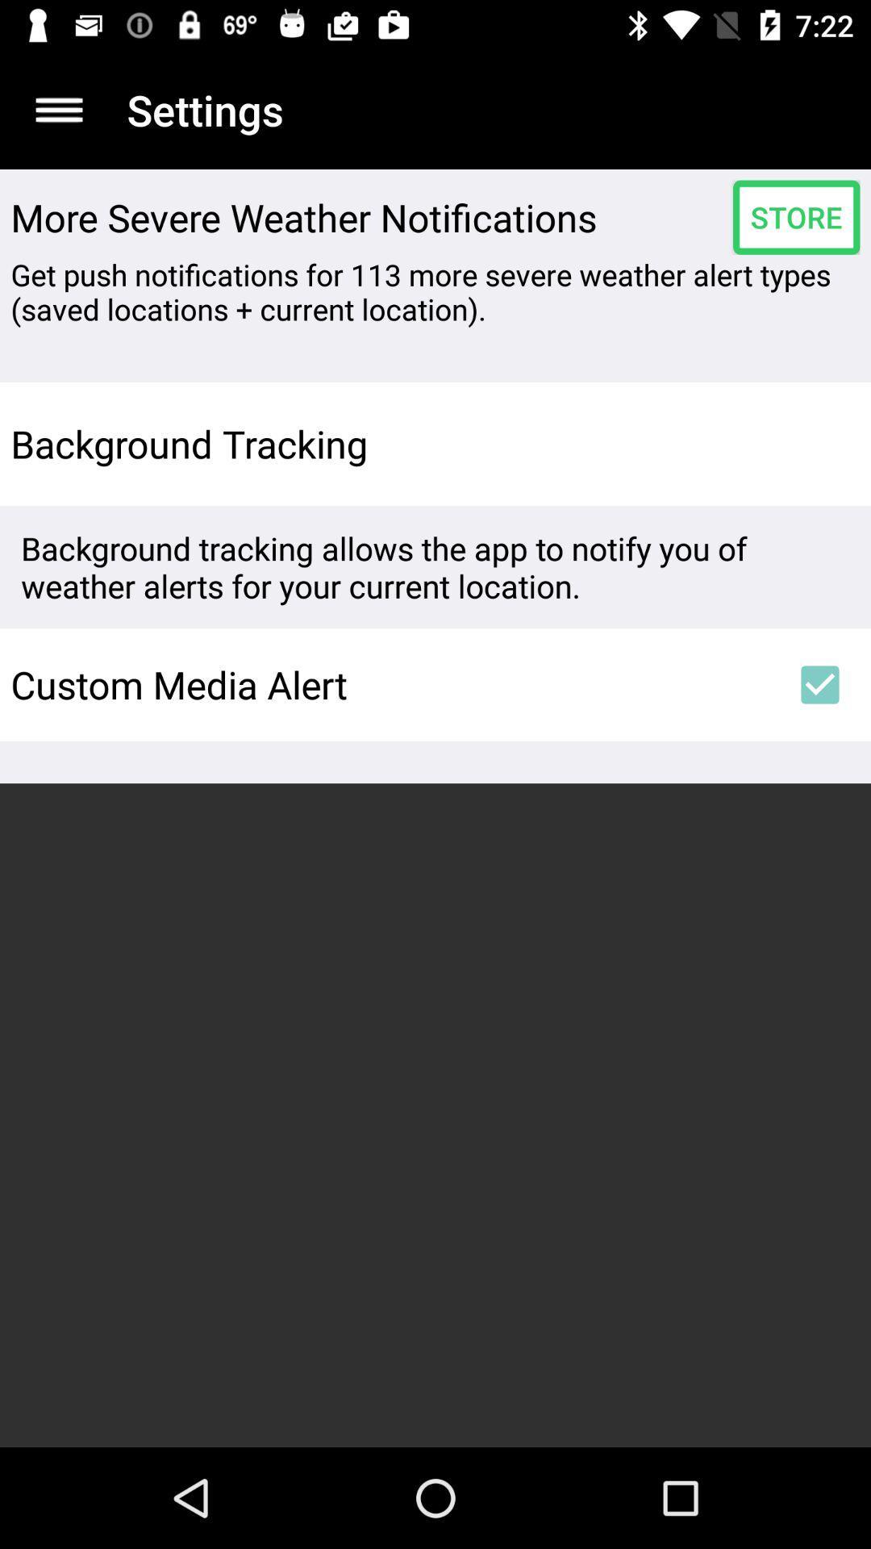 The width and height of the screenshot is (871, 1549). I want to click on store, so click(795, 216).